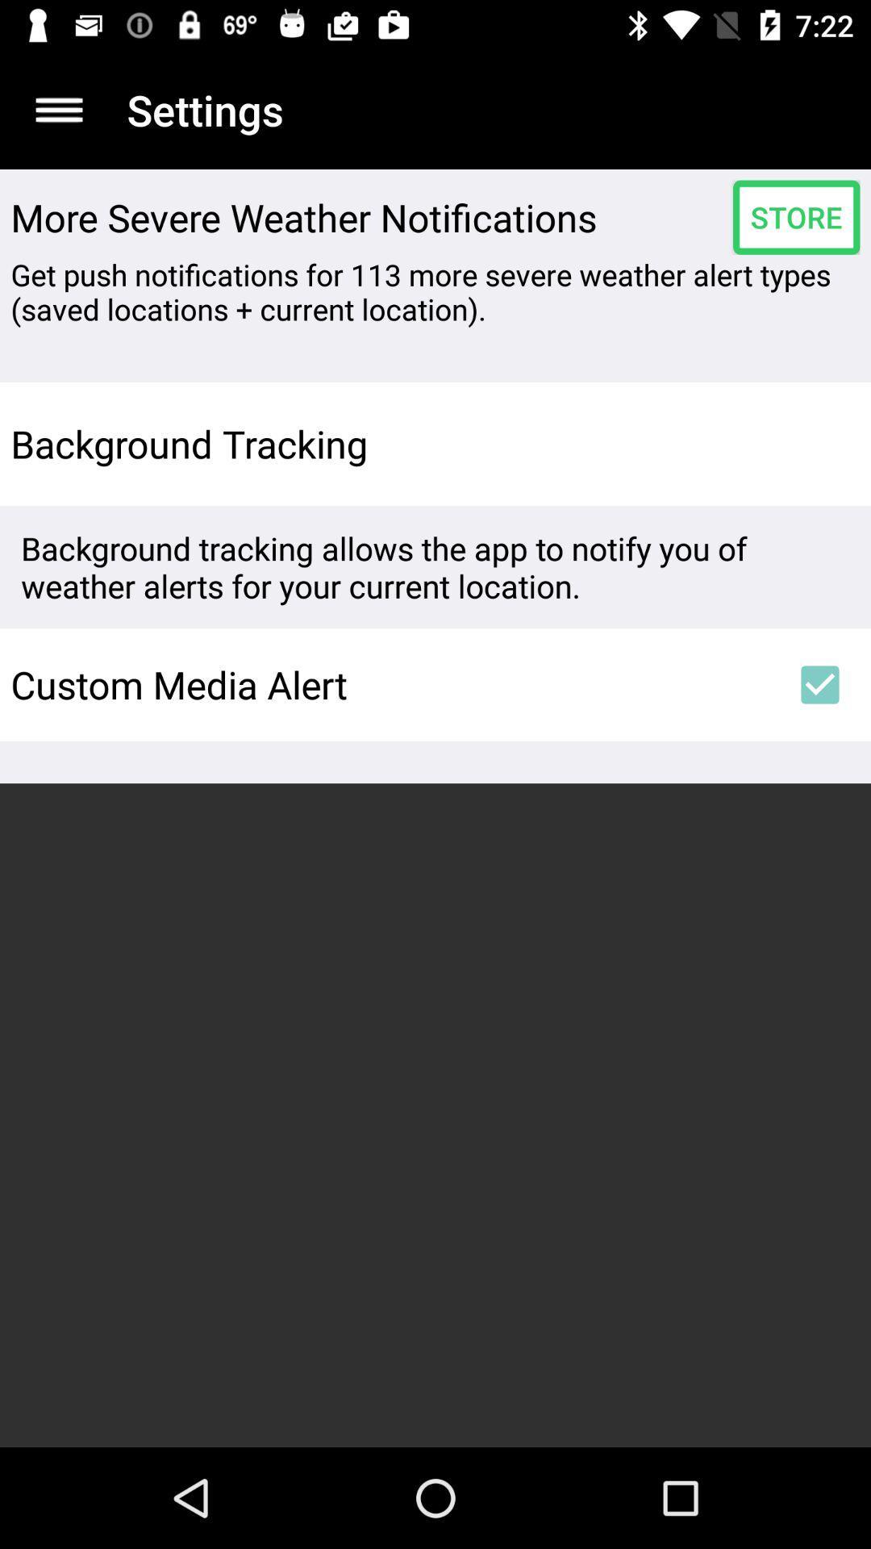 The width and height of the screenshot is (871, 1549). I want to click on store, so click(795, 216).